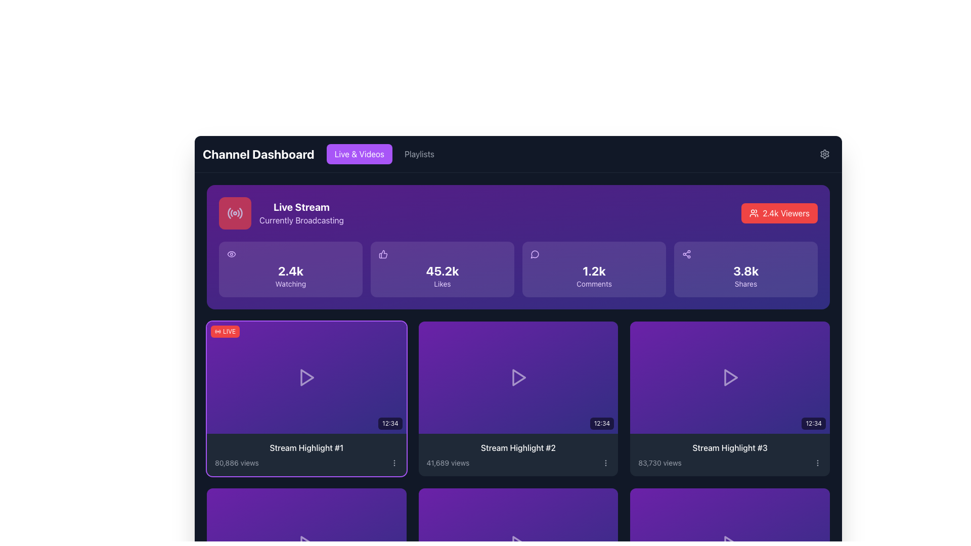  I want to click on the Text Display element that shows '3.8k' in bold white font on a purple background, located in the top right section of the dashboard, above the word 'Shares', so click(745, 270).